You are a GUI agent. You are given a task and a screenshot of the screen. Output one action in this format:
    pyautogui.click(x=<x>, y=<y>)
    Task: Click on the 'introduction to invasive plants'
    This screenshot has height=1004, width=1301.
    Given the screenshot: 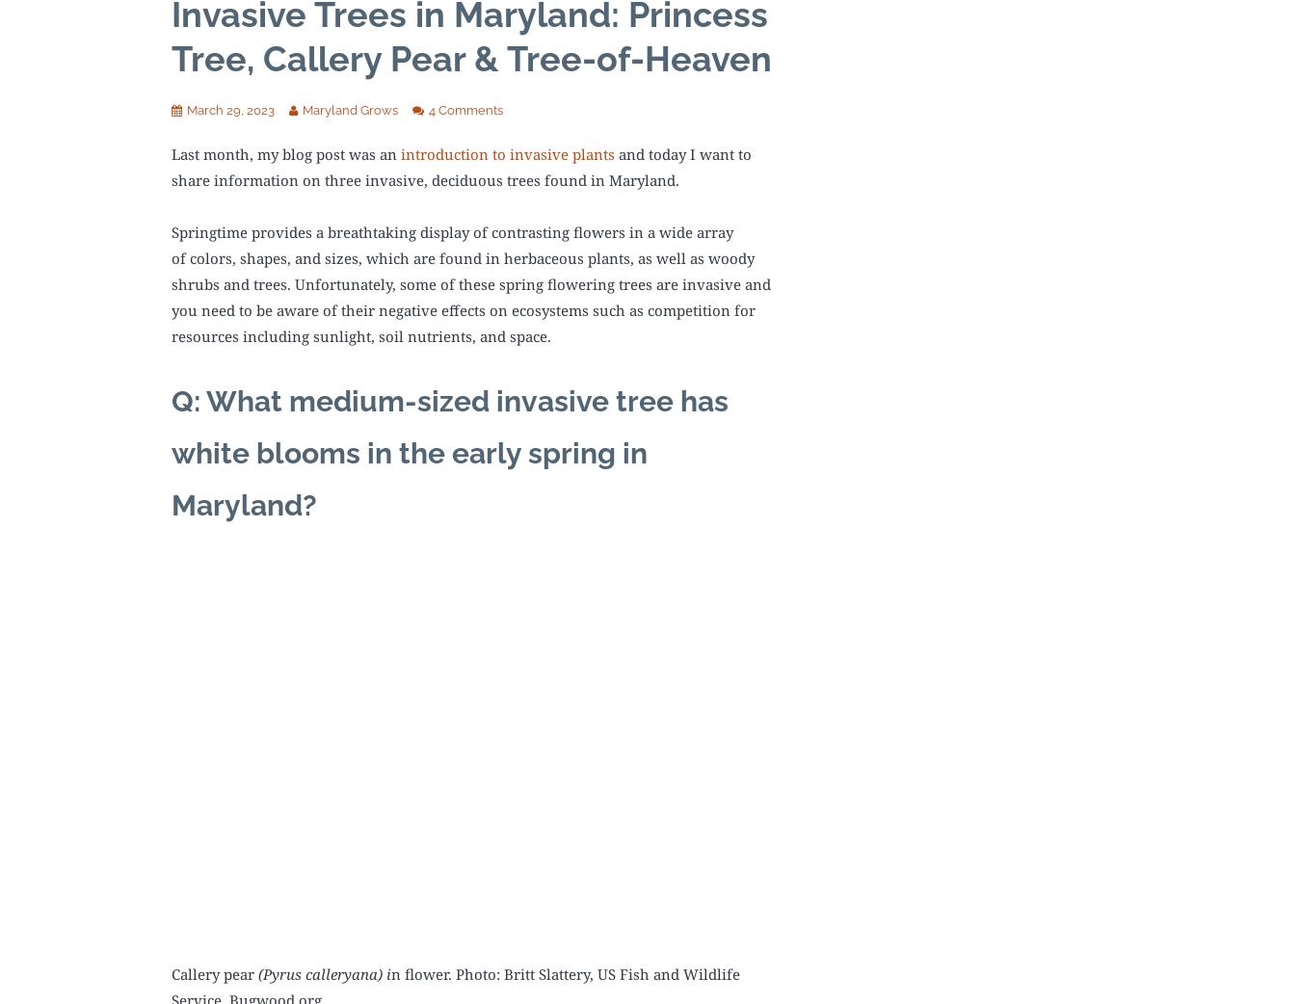 What is the action you would take?
    pyautogui.click(x=400, y=153)
    